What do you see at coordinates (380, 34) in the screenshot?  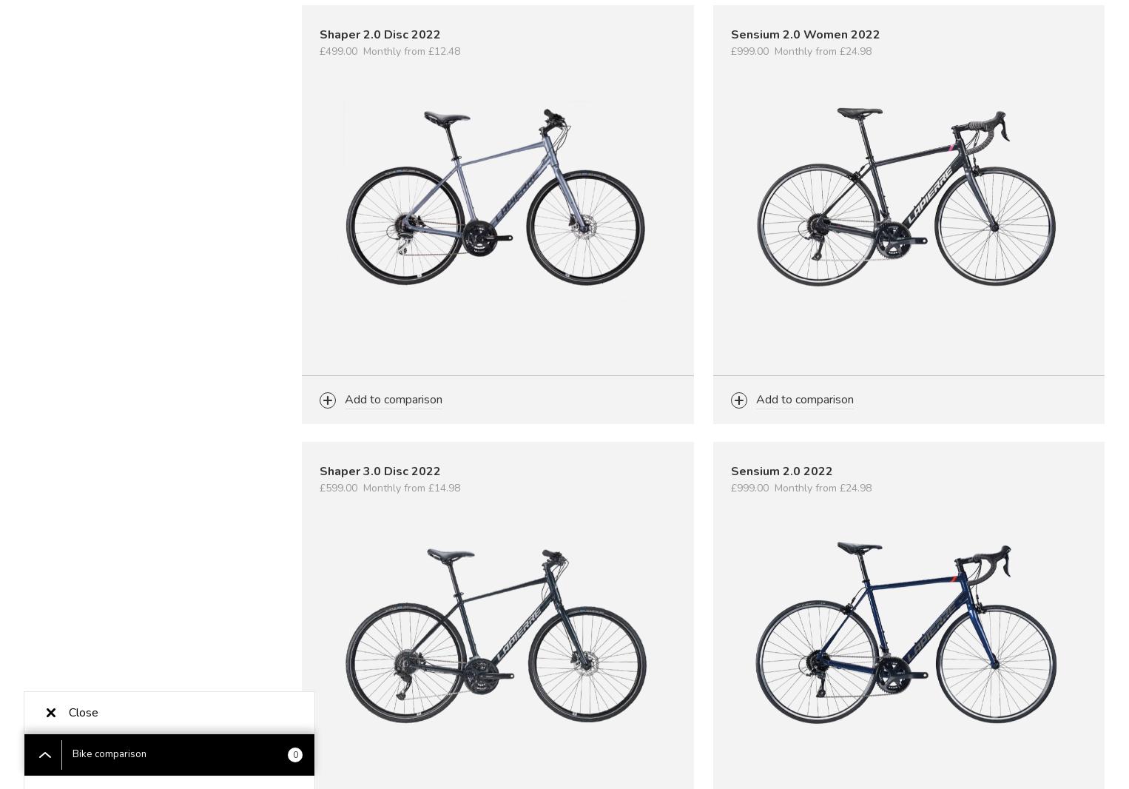 I see `'Shaper 2.0 Disc 2022'` at bounding box center [380, 34].